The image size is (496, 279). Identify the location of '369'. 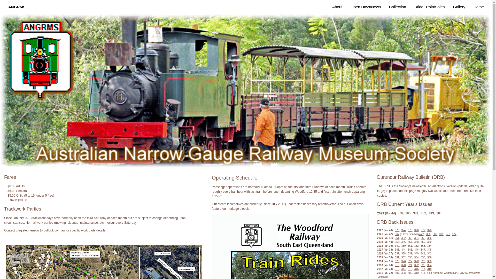
(433, 234).